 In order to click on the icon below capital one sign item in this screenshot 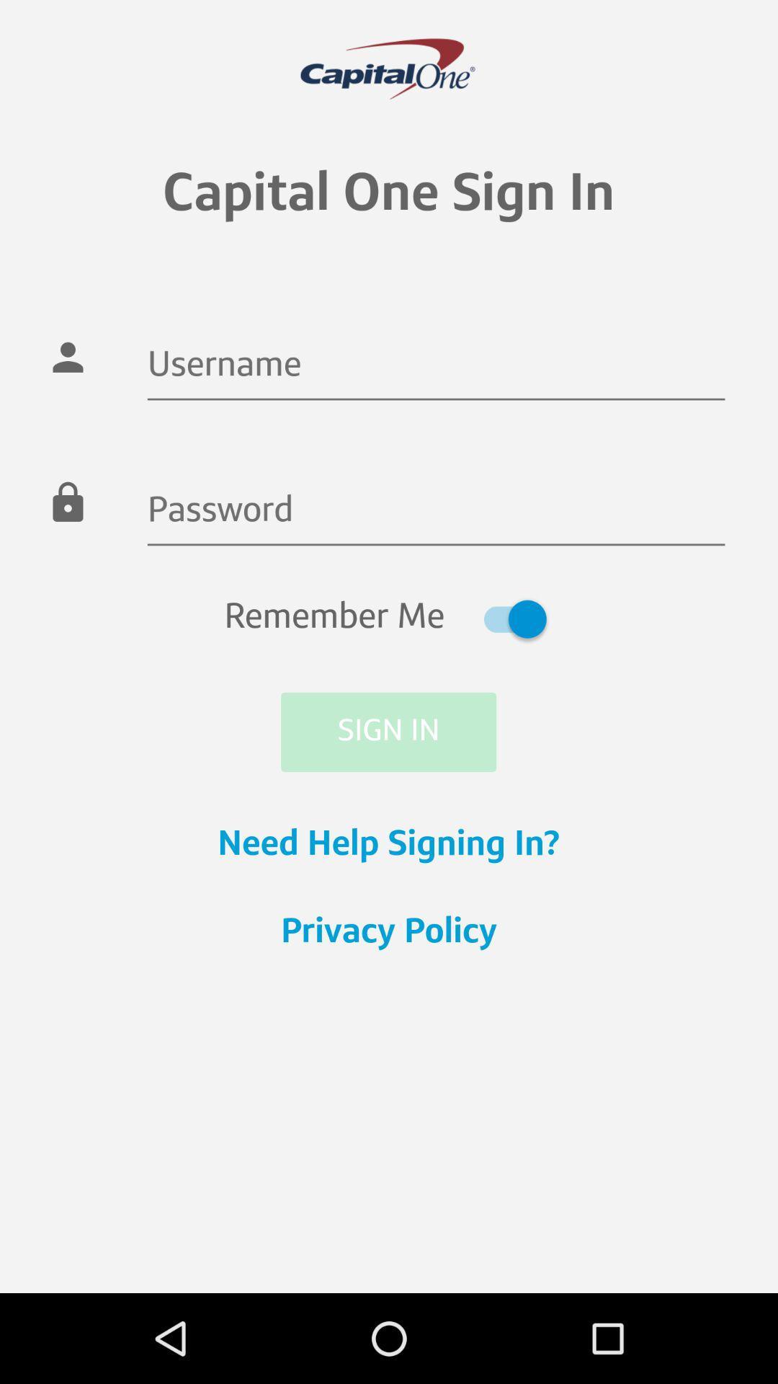, I will do `click(435, 367)`.